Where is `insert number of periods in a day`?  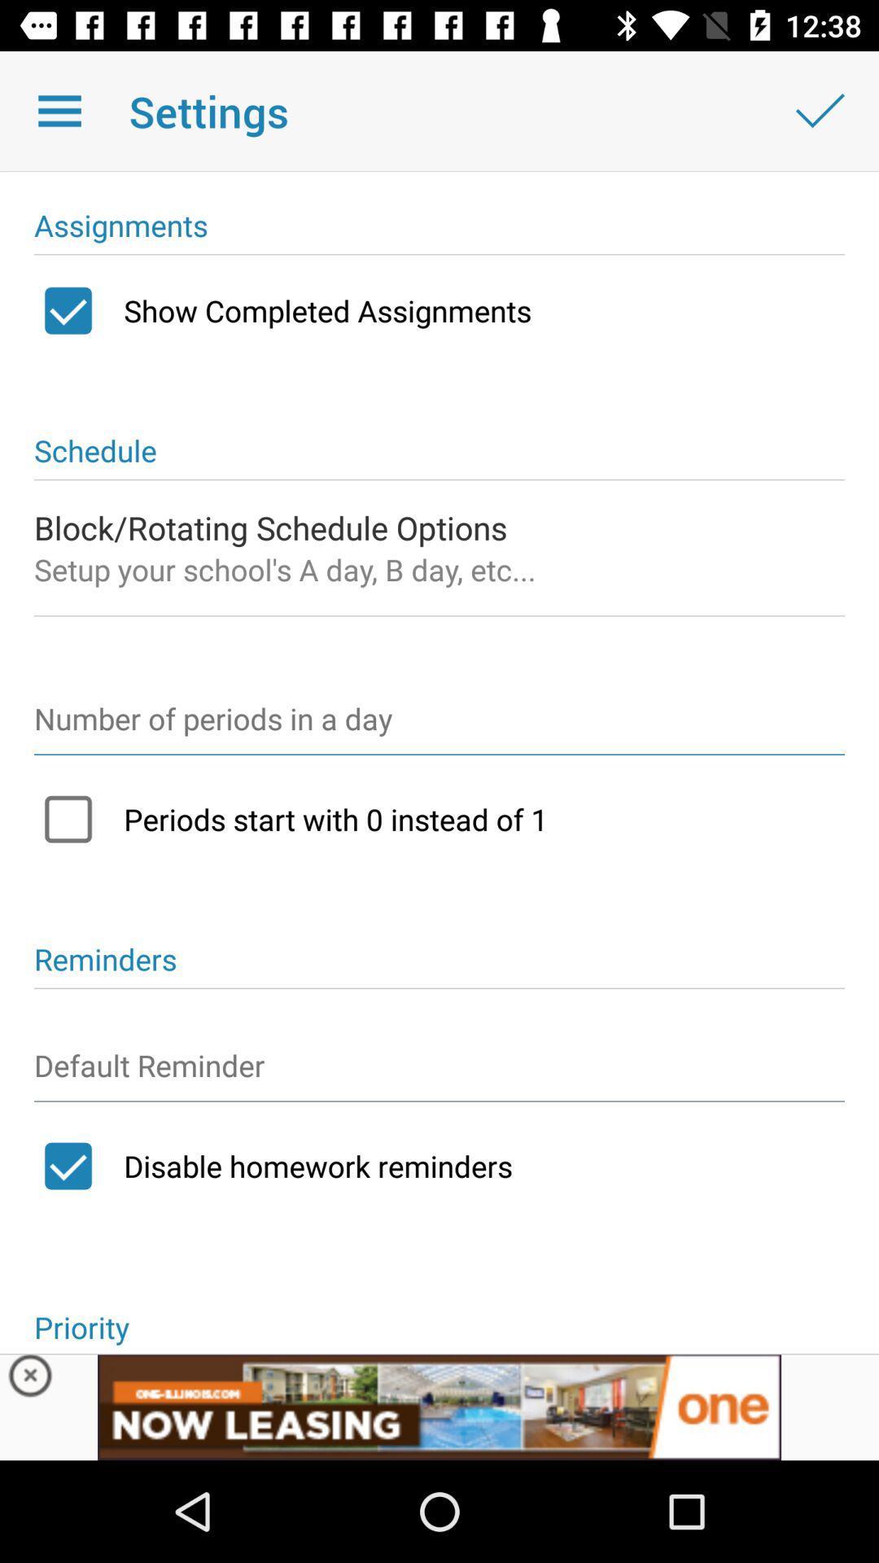 insert number of periods in a day is located at coordinates (439, 725).